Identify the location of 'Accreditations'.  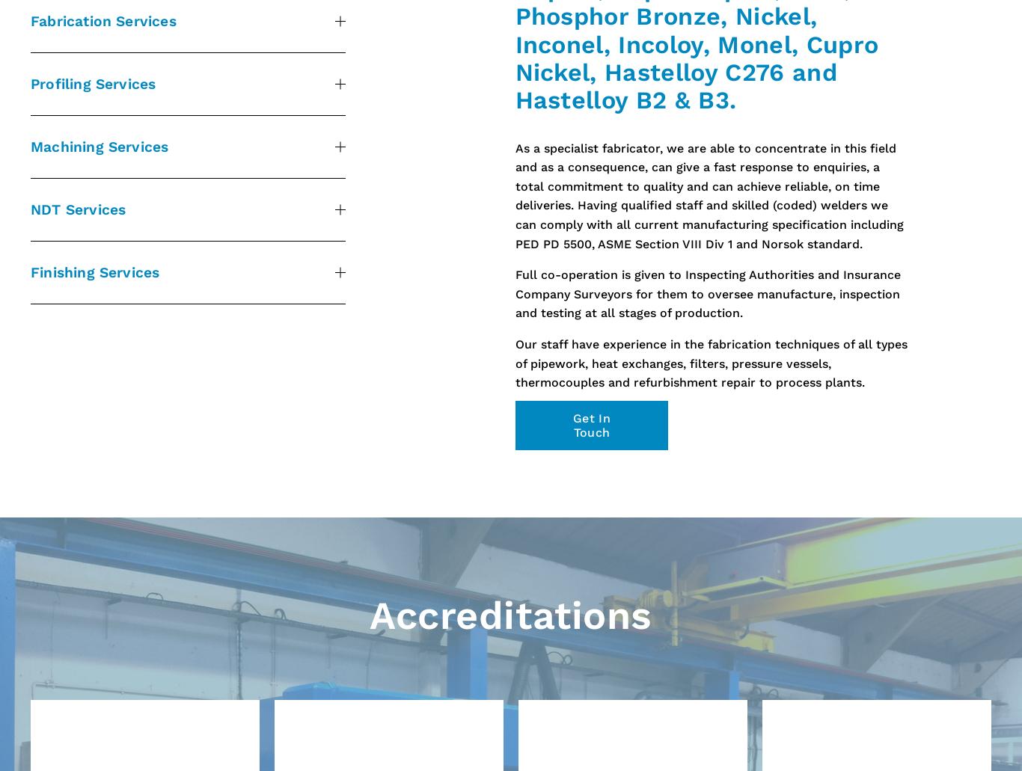
(510, 615).